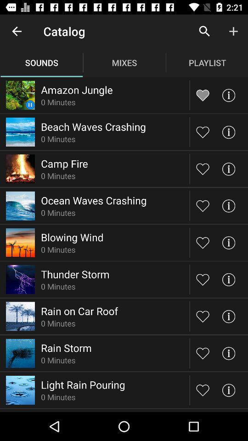  Describe the element at coordinates (228, 131) in the screenshot. I see `information option` at that location.